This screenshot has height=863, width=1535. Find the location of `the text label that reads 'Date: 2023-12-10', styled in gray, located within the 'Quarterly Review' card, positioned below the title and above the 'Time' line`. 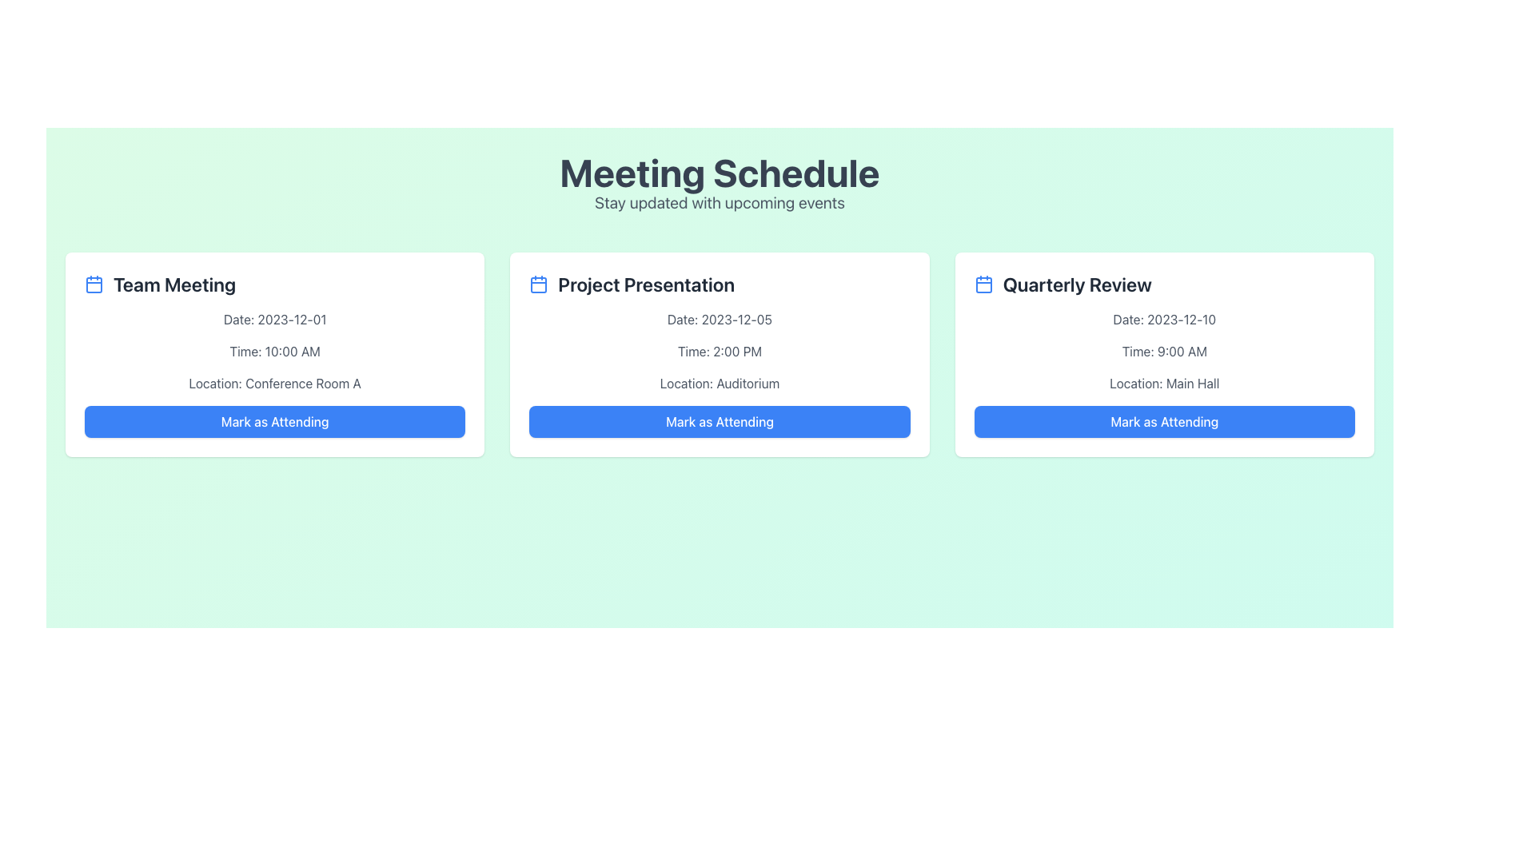

the text label that reads 'Date: 2023-12-10', styled in gray, located within the 'Quarterly Review' card, positioned below the title and above the 'Time' line is located at coordinates (1164, 320).